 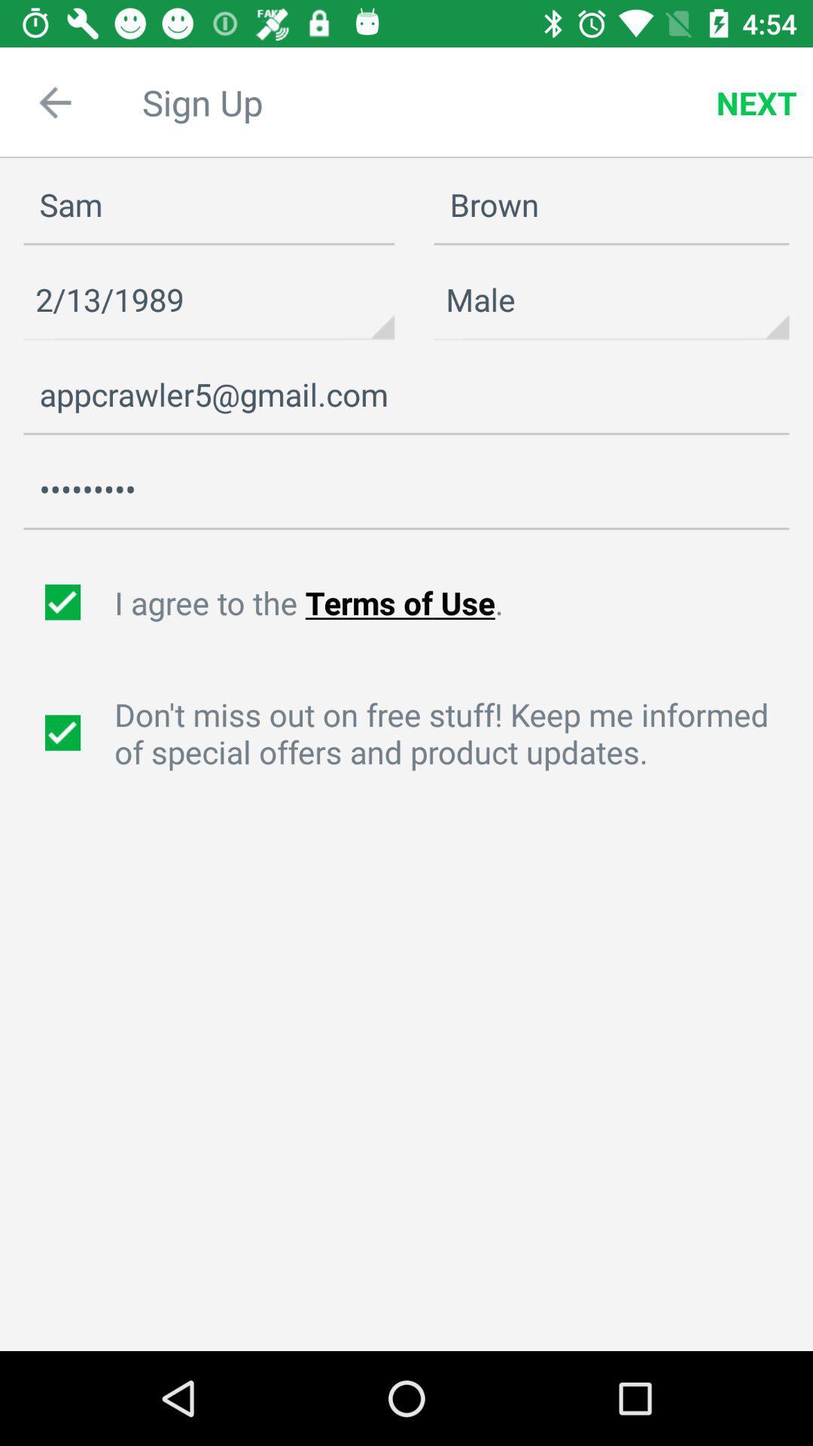 I want to click on check/uncheck terms of use agreement, so click(x=64, y=602).